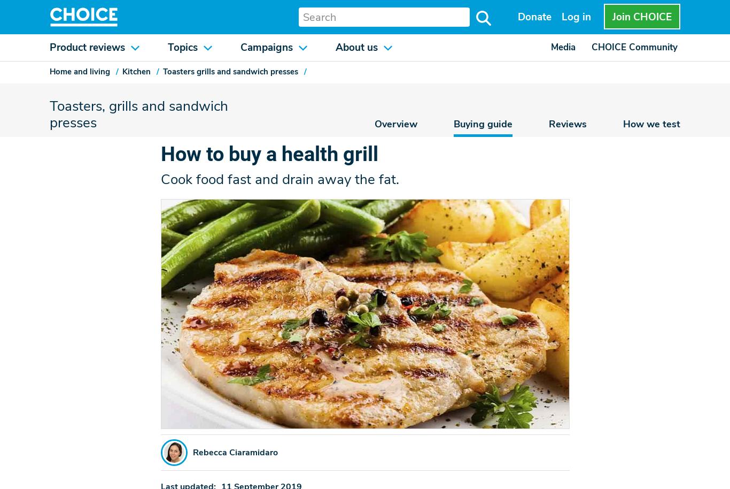 Image resolution: width=730 pixels, height=489 pixels. Describe the element at coordinates (534, 17) in the screenshot. I see `'Donate'` at that location.